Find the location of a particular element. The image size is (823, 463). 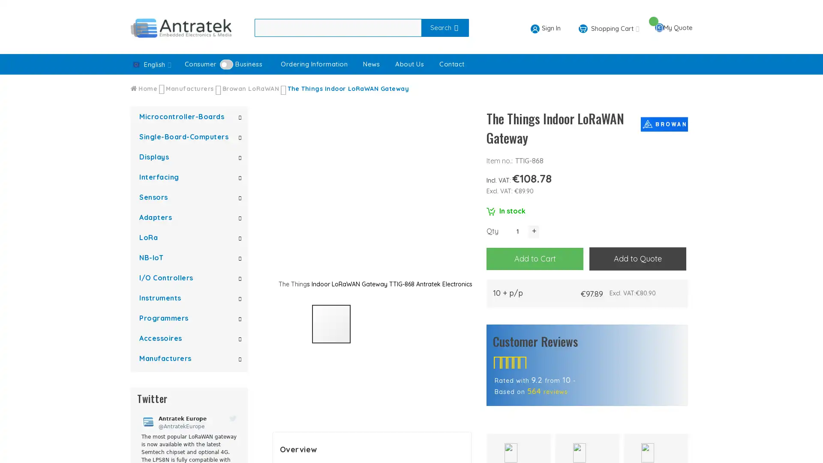

Next is located at coordinates (471, 324).